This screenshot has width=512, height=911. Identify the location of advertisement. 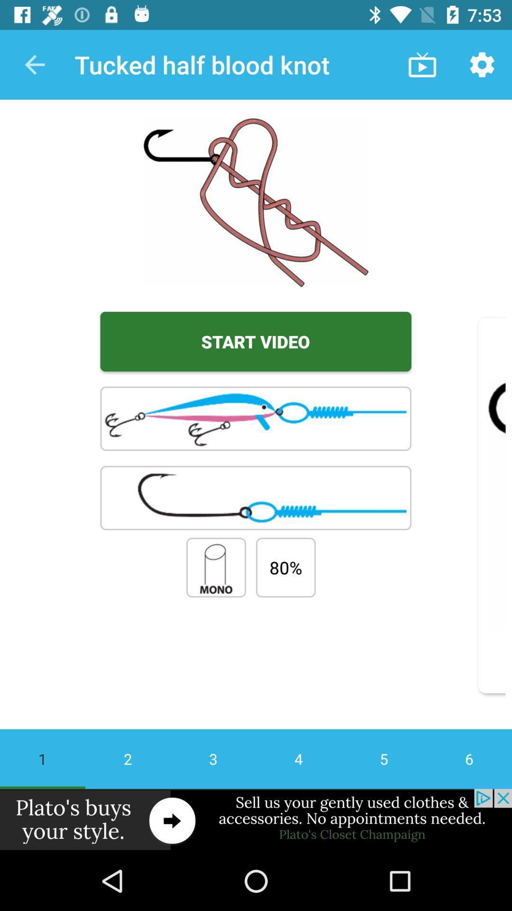
(256, 819).